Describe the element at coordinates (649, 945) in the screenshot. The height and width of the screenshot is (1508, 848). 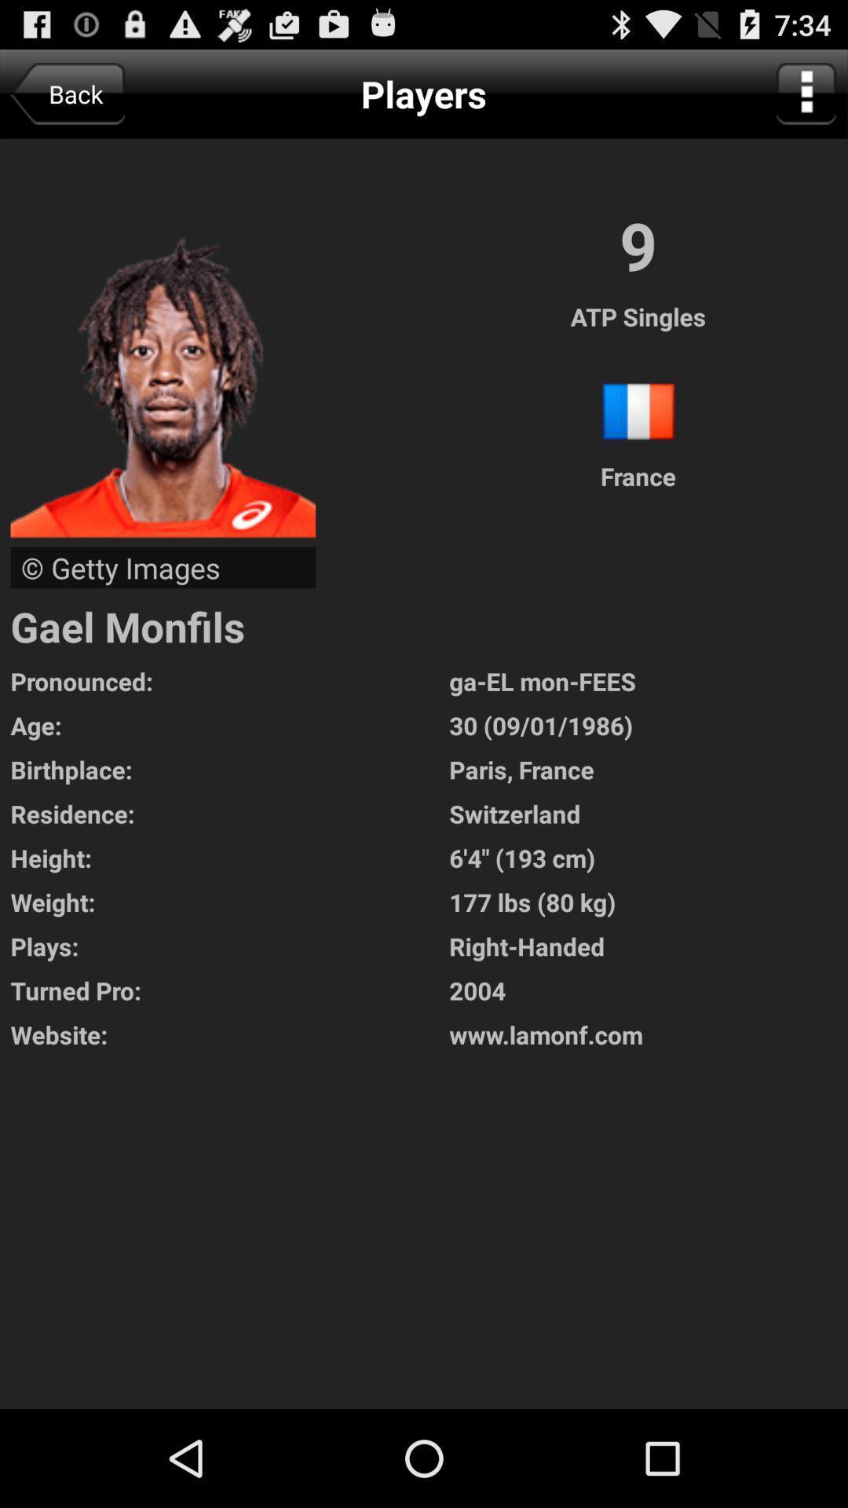
I see `the icon above turned pro: app` at that location.